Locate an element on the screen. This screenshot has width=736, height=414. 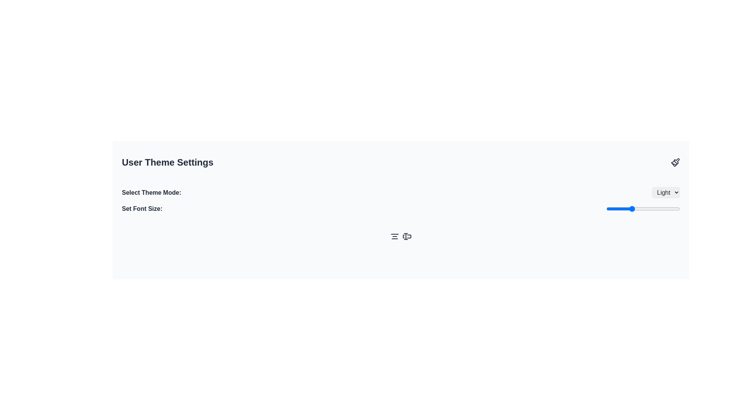
the font size is located at coordinates (655, 209).